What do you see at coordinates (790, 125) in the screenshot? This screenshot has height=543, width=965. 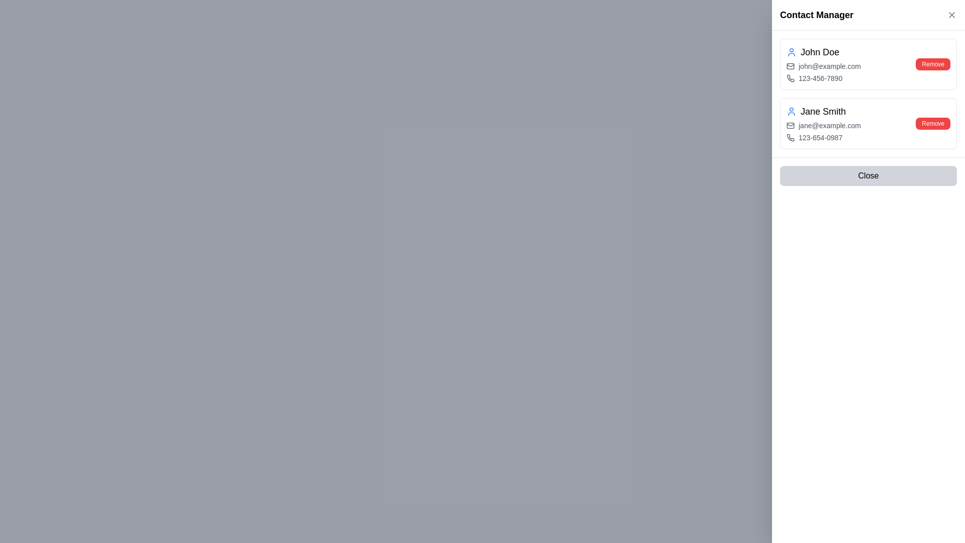 I see `the email icon representing 'jane@example.com'` at bounding box center [790, 125].